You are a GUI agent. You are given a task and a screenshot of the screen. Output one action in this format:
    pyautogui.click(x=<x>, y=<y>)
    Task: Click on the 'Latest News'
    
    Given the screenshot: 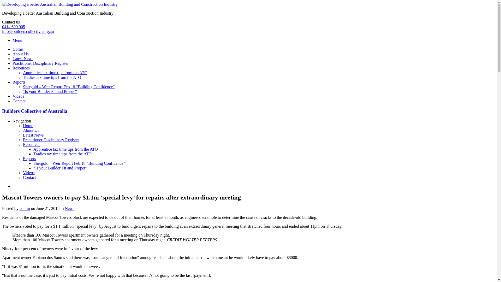 What is the action you would take?
    pyautogui.click(x=22, y=58)
    